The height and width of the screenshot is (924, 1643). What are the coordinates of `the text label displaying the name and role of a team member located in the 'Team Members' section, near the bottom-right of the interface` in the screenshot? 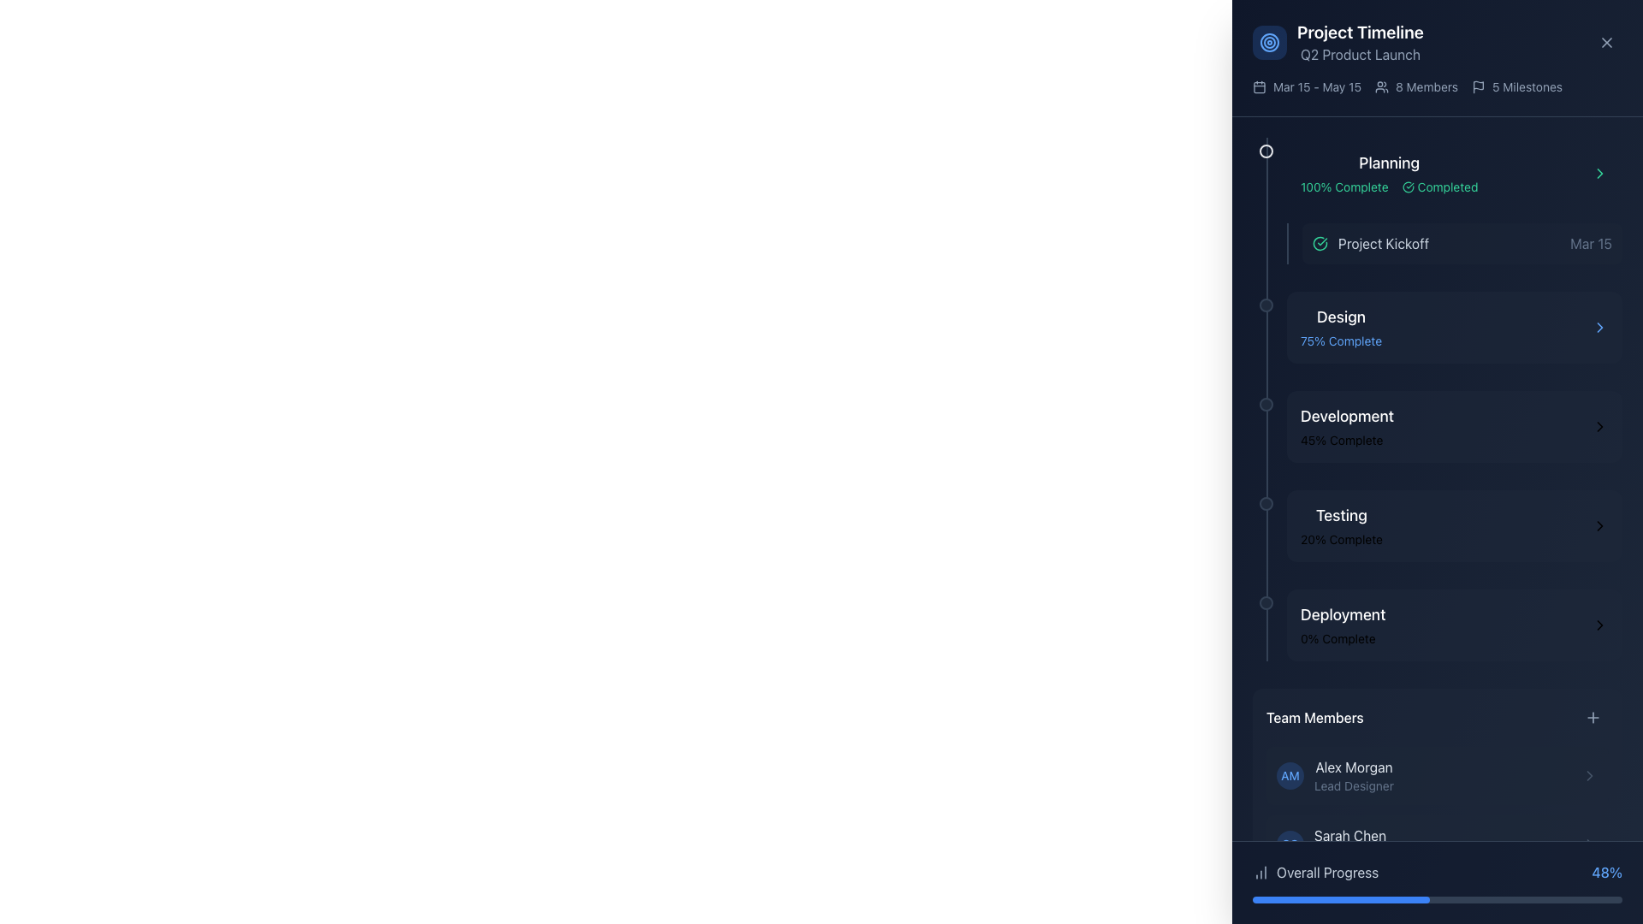 It's located at (1353, 775).